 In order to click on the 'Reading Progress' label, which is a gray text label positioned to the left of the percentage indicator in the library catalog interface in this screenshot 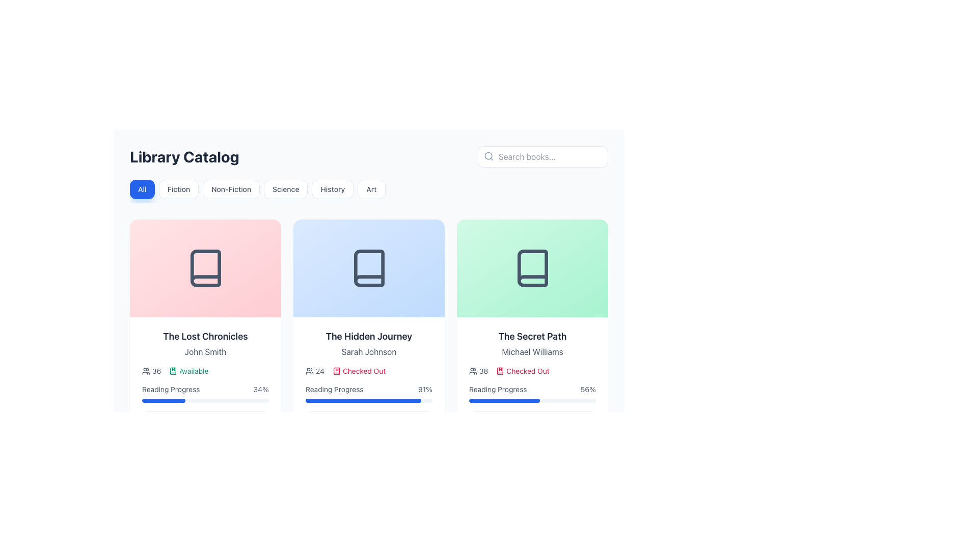, I will do `click(171, 389)`.